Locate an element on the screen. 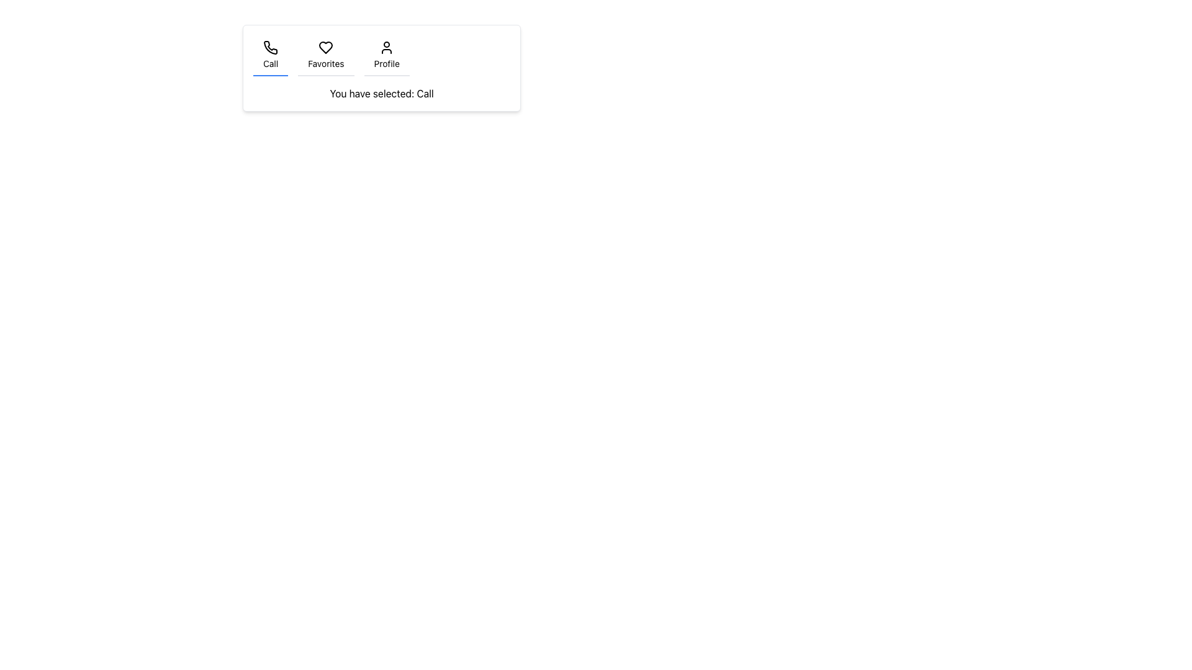 Image resolution: width=1192 pixels, height=670 pixels. the first button in the horizontal menu is located at coordinates (270, 55).